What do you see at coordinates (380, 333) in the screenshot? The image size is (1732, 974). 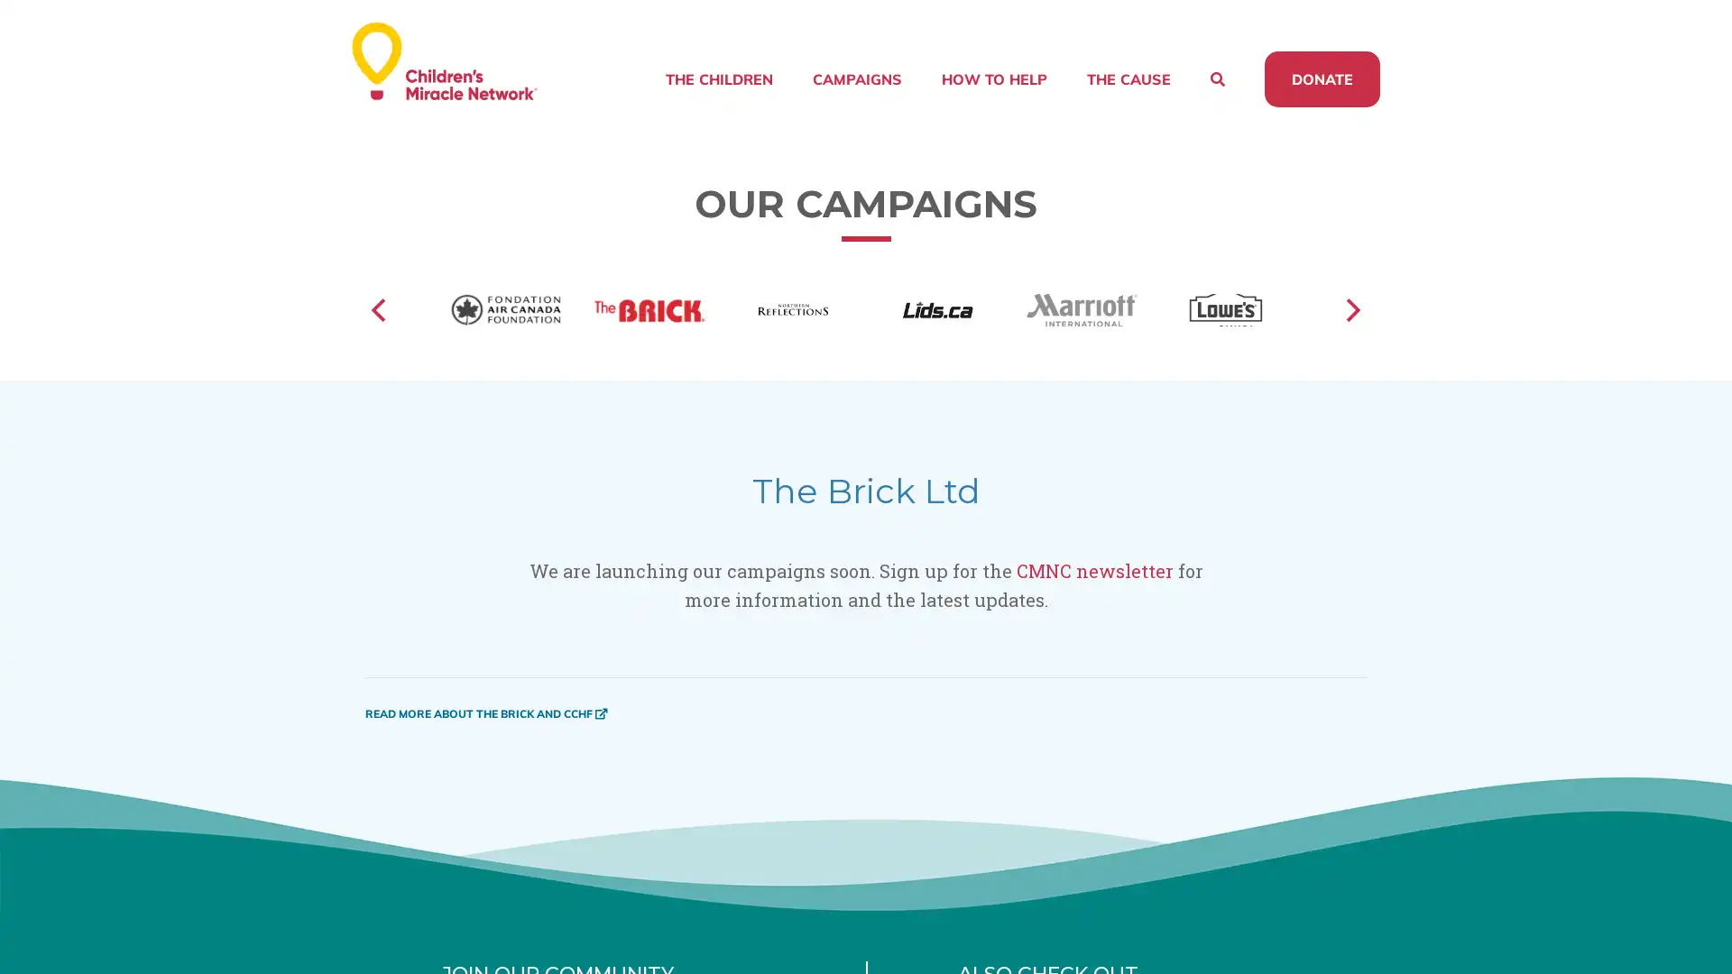 I see `Previous` at bounding box center [380, 333].